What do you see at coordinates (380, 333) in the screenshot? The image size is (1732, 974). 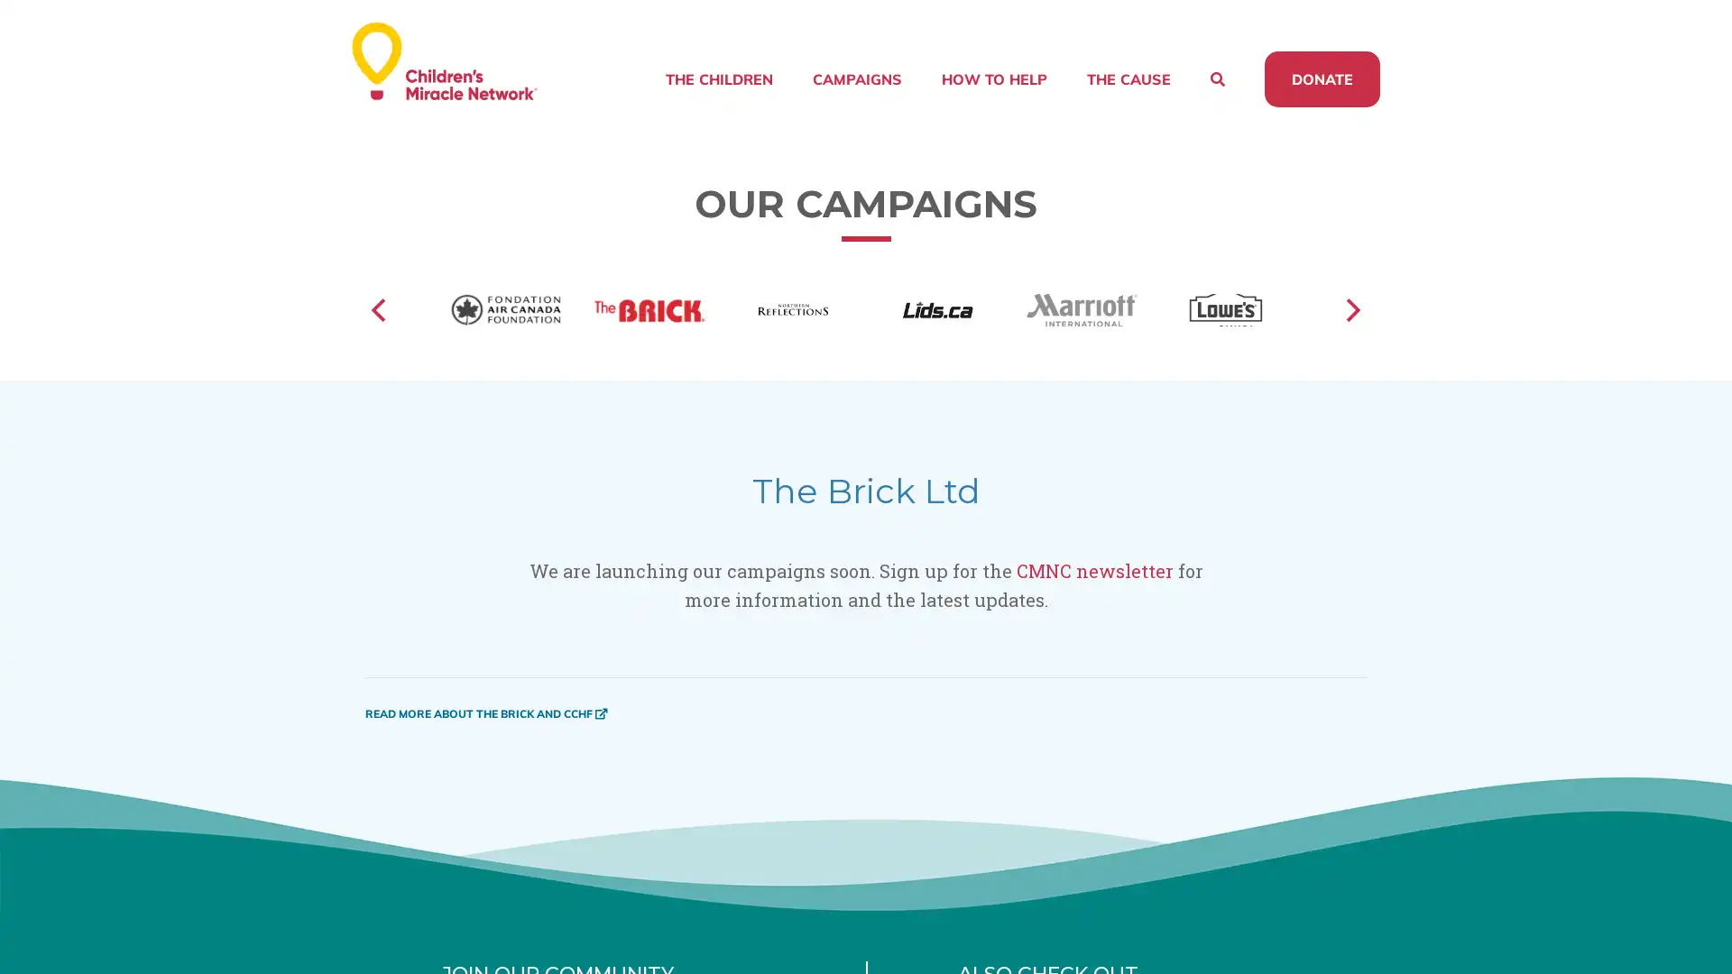 I see `Previous` at bounding box center [380, 333].